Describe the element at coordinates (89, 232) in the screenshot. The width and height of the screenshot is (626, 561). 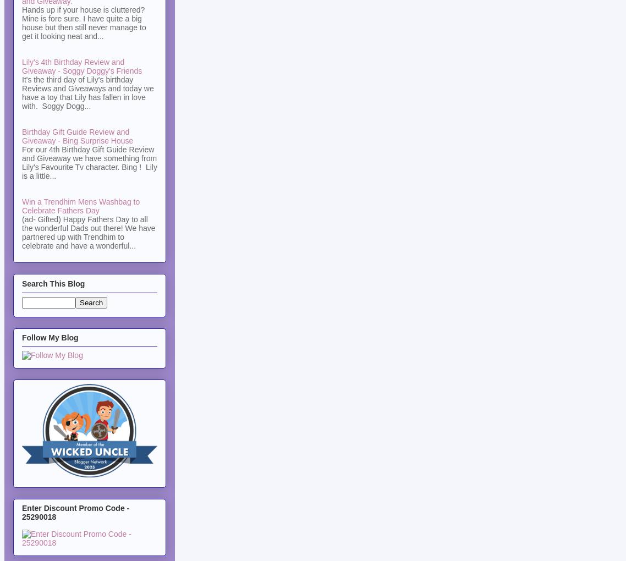
I see `'(ad- Gifted)   Happy Fathers Day to all the wonderful Dads out there!   We have partnered up with Trendhim to celebrate and have a wonderful...'` at that location.